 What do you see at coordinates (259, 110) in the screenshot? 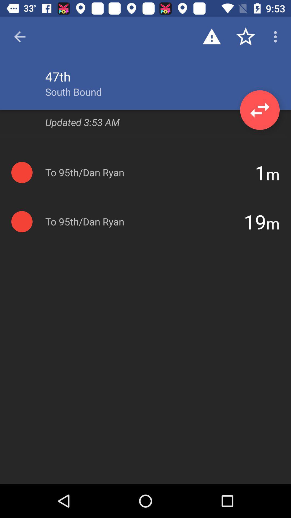
I see `flip bus route` at bounding box center [259, 110].